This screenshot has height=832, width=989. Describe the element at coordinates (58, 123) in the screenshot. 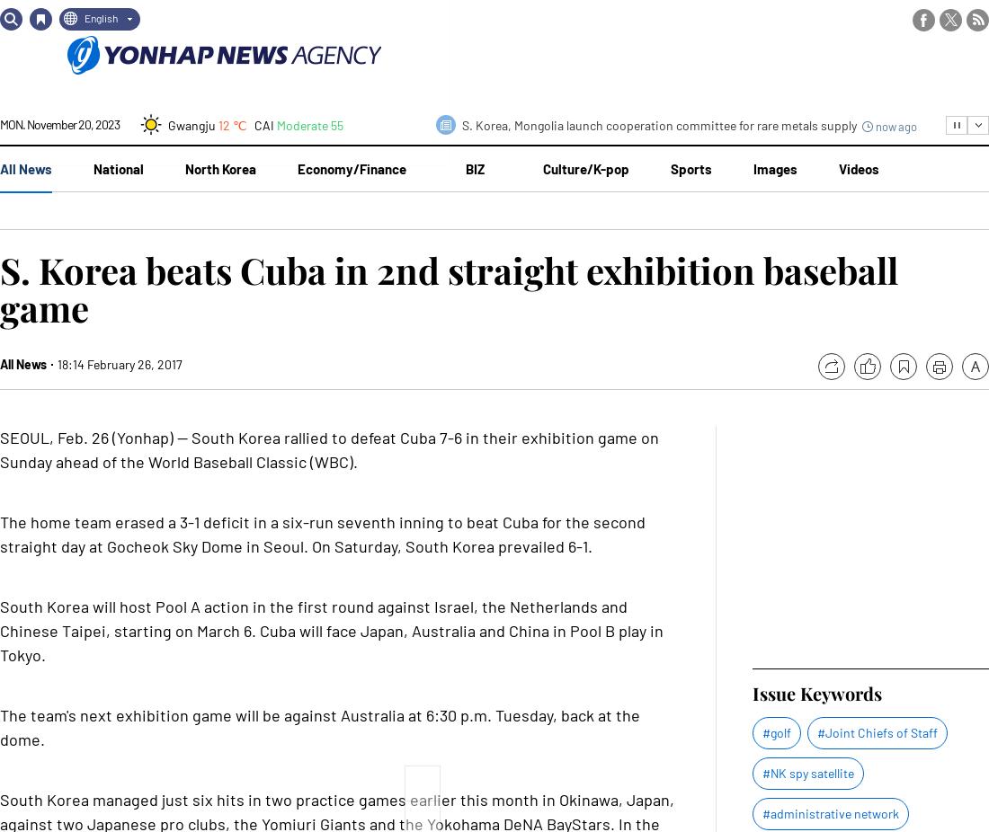

I see `'MON. November 20, 2023'` at that location.